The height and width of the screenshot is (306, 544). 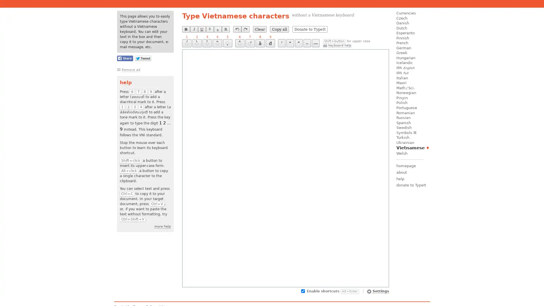 What do you see at coordinates (186, 43) in the screenshot?
I see `1` at bounding box center [186, 43].